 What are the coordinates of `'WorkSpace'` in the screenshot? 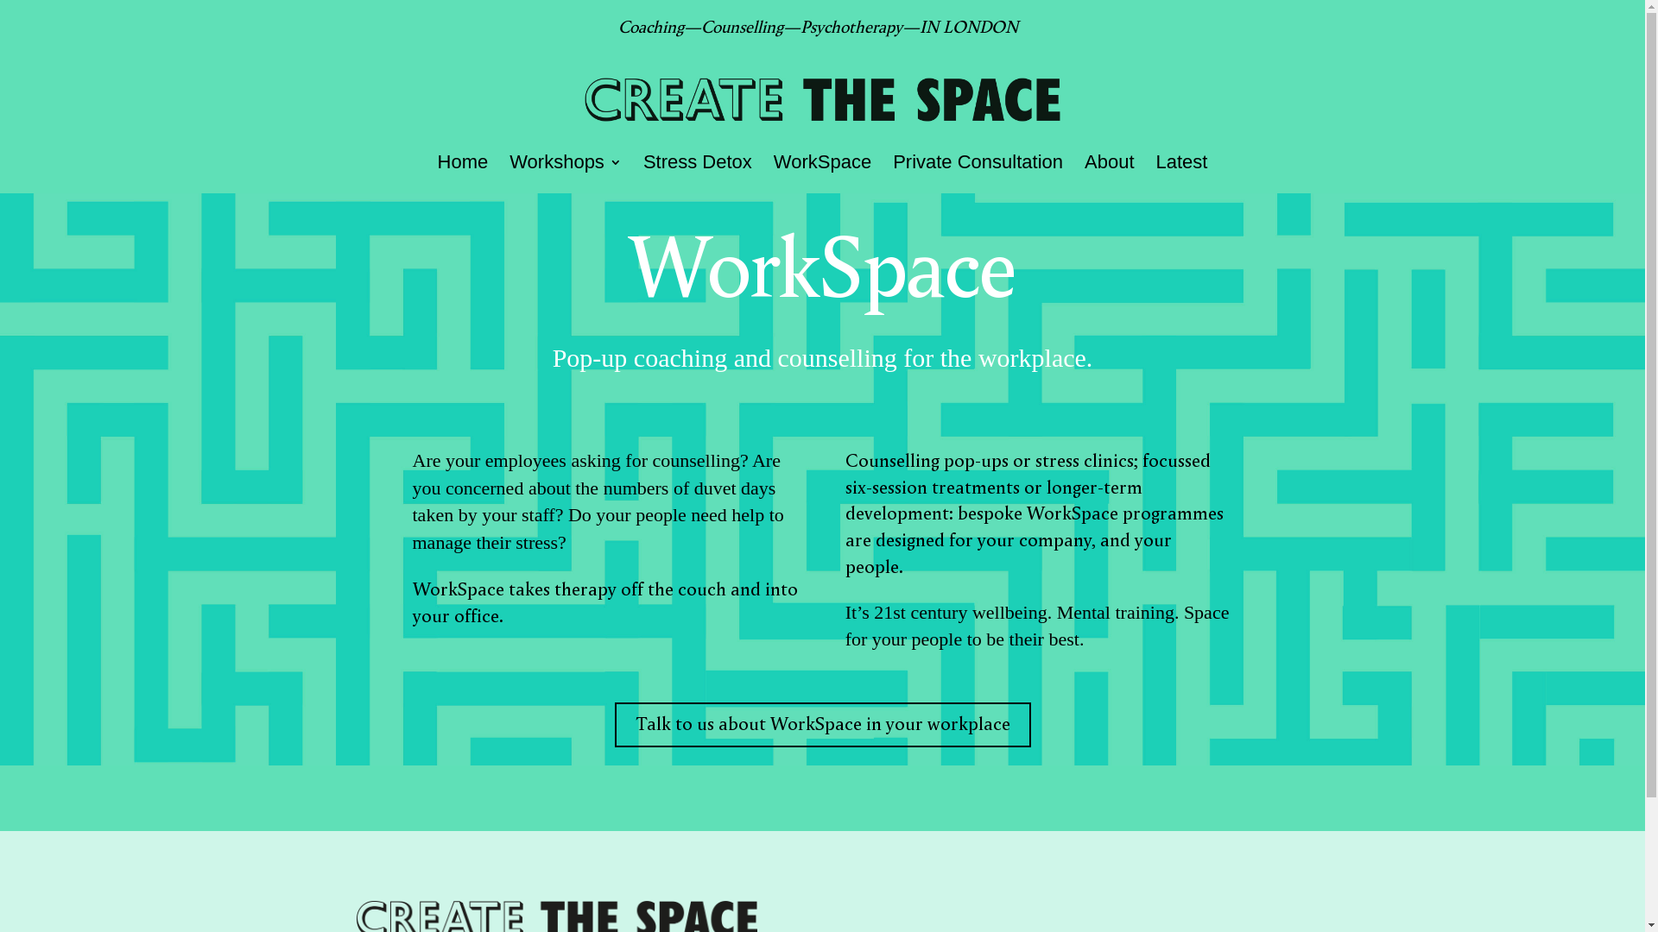 It's located at (821, 174).